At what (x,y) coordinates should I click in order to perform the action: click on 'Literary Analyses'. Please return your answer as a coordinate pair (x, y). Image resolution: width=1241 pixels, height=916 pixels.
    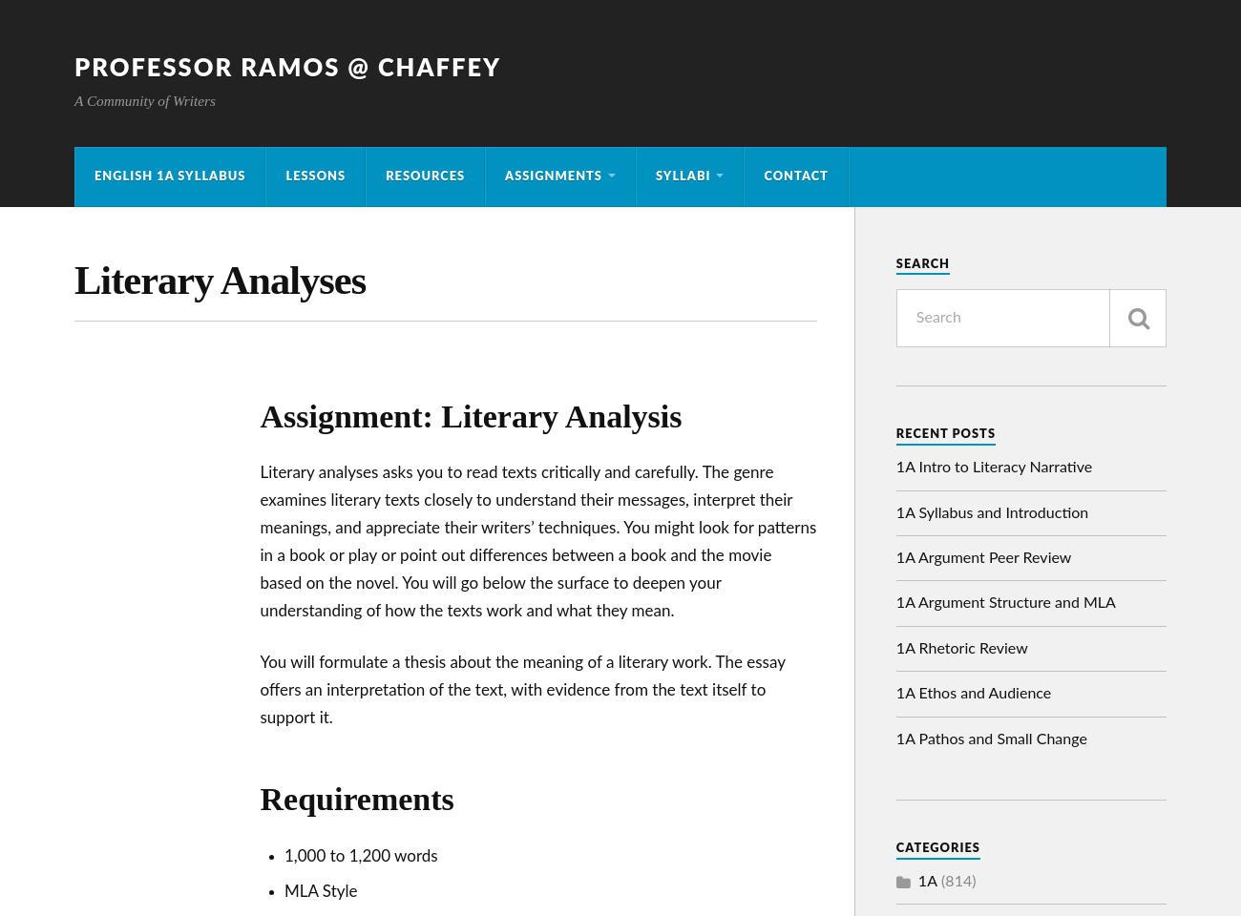
    Looking at the image, I should click on (219, 278).